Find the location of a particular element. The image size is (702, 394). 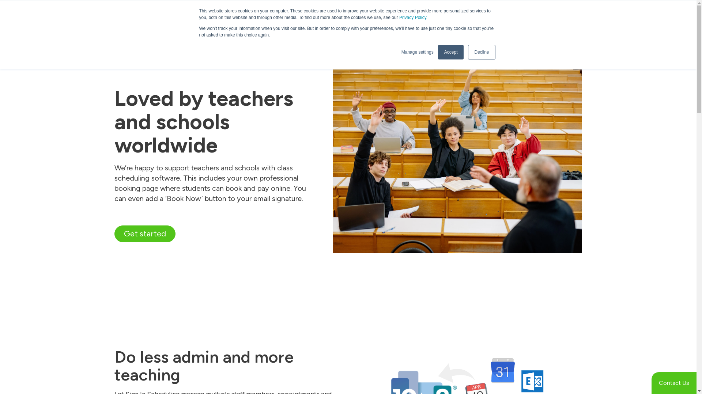

'Save your seat' is located at coordinates (486, 8).